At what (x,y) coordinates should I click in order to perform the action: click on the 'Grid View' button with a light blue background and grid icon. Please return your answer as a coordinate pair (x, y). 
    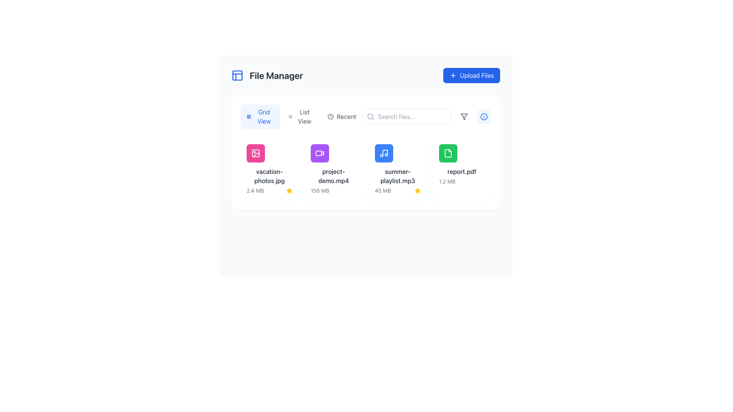
    Looking at the image, I should click on (260, 116).